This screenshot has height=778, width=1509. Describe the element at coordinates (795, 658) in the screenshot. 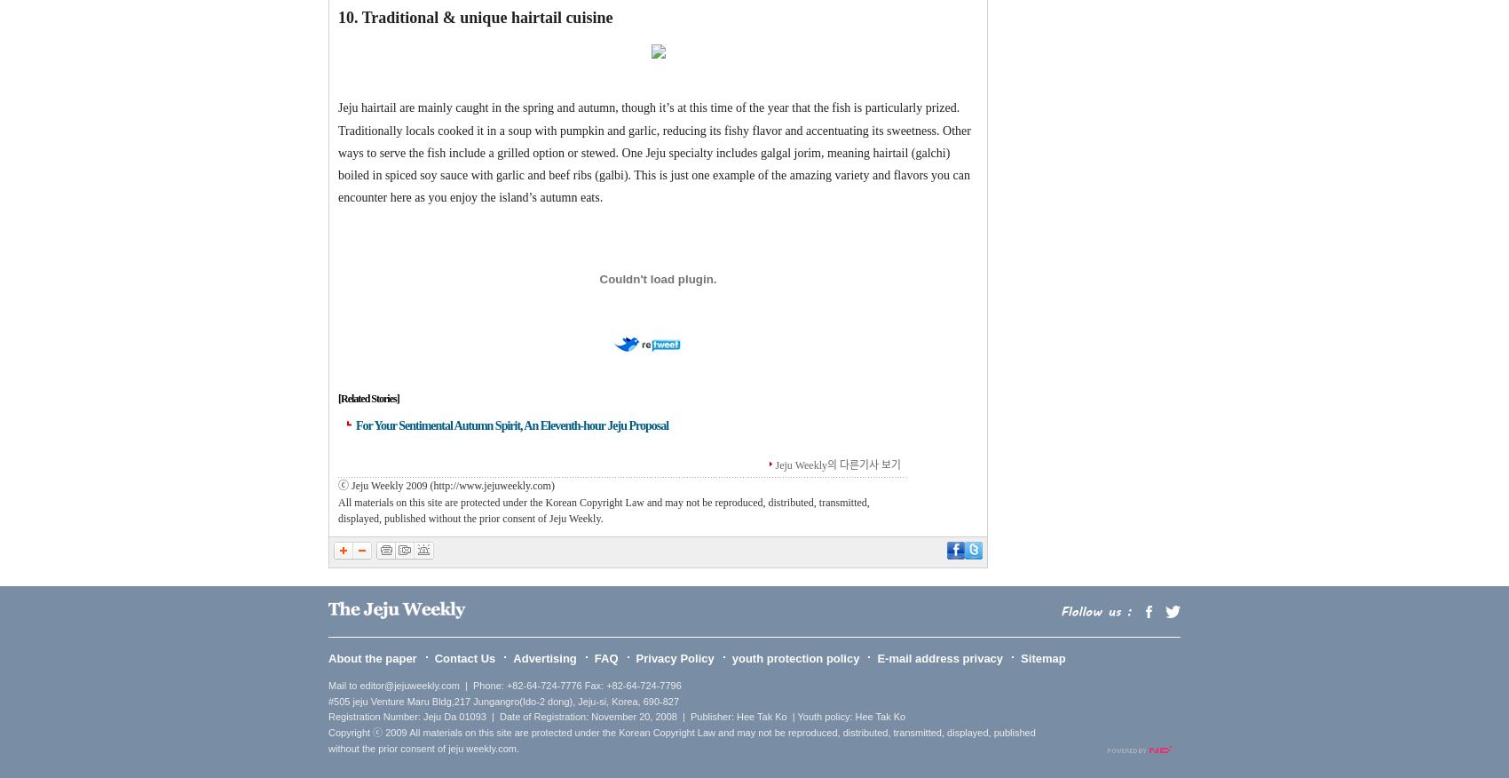

I see `'youth protection policy'` at that location.